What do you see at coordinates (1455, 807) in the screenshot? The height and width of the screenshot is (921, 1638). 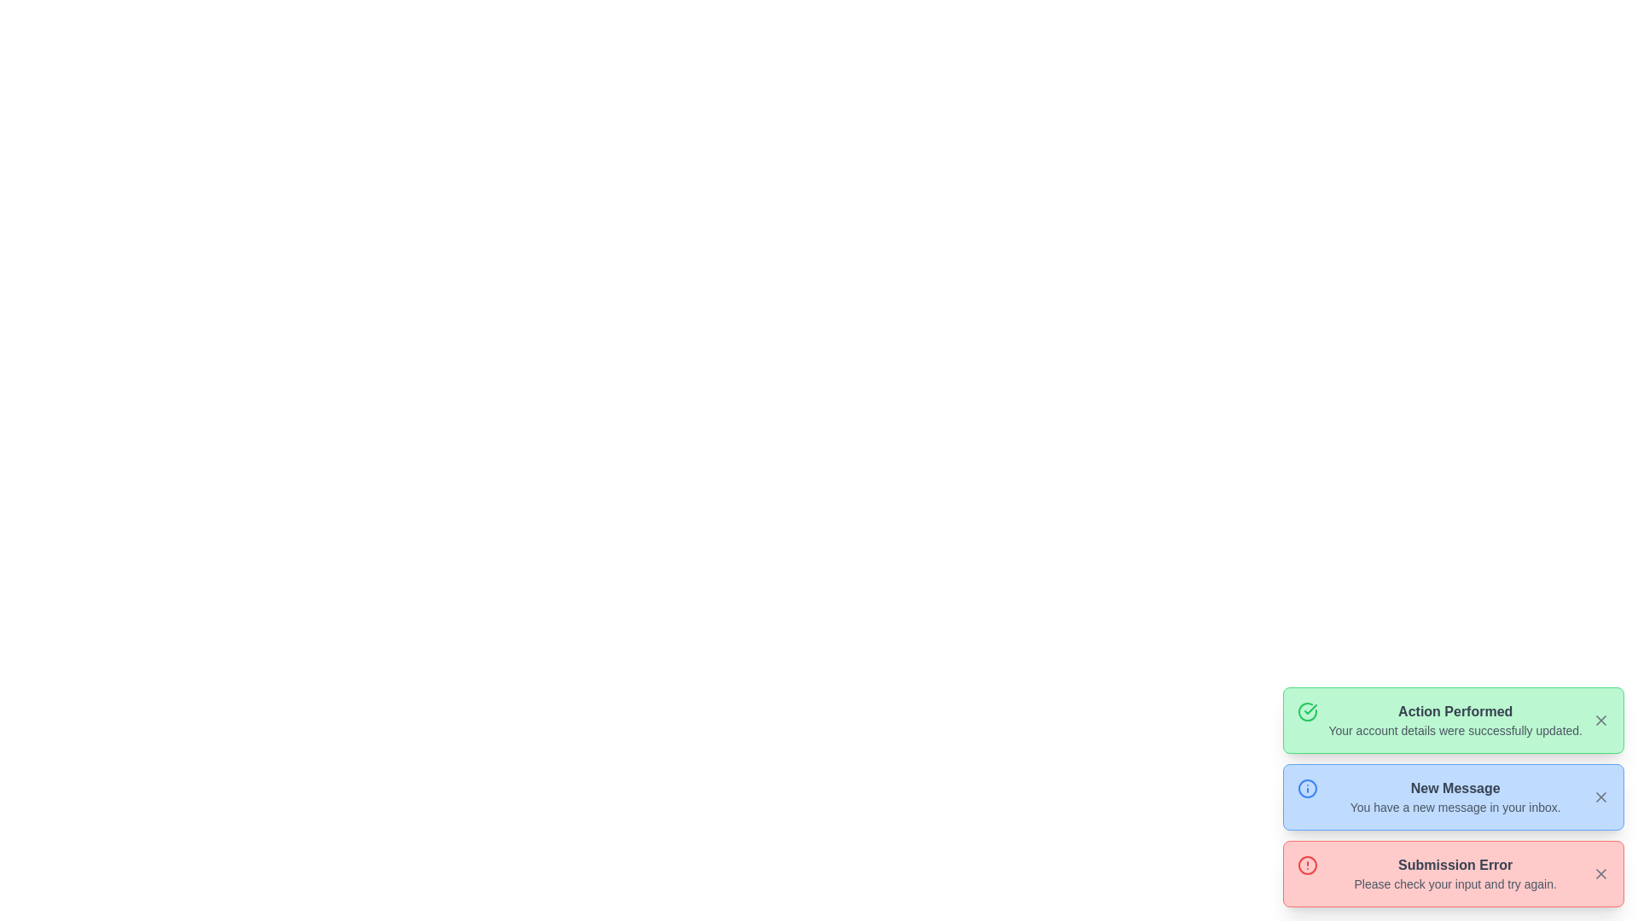 I see `text content that states 'You have a new message in your inbox.' which is located below the bold header 'New Message' in the light blue notification card` at bounding box center [1455, 807].